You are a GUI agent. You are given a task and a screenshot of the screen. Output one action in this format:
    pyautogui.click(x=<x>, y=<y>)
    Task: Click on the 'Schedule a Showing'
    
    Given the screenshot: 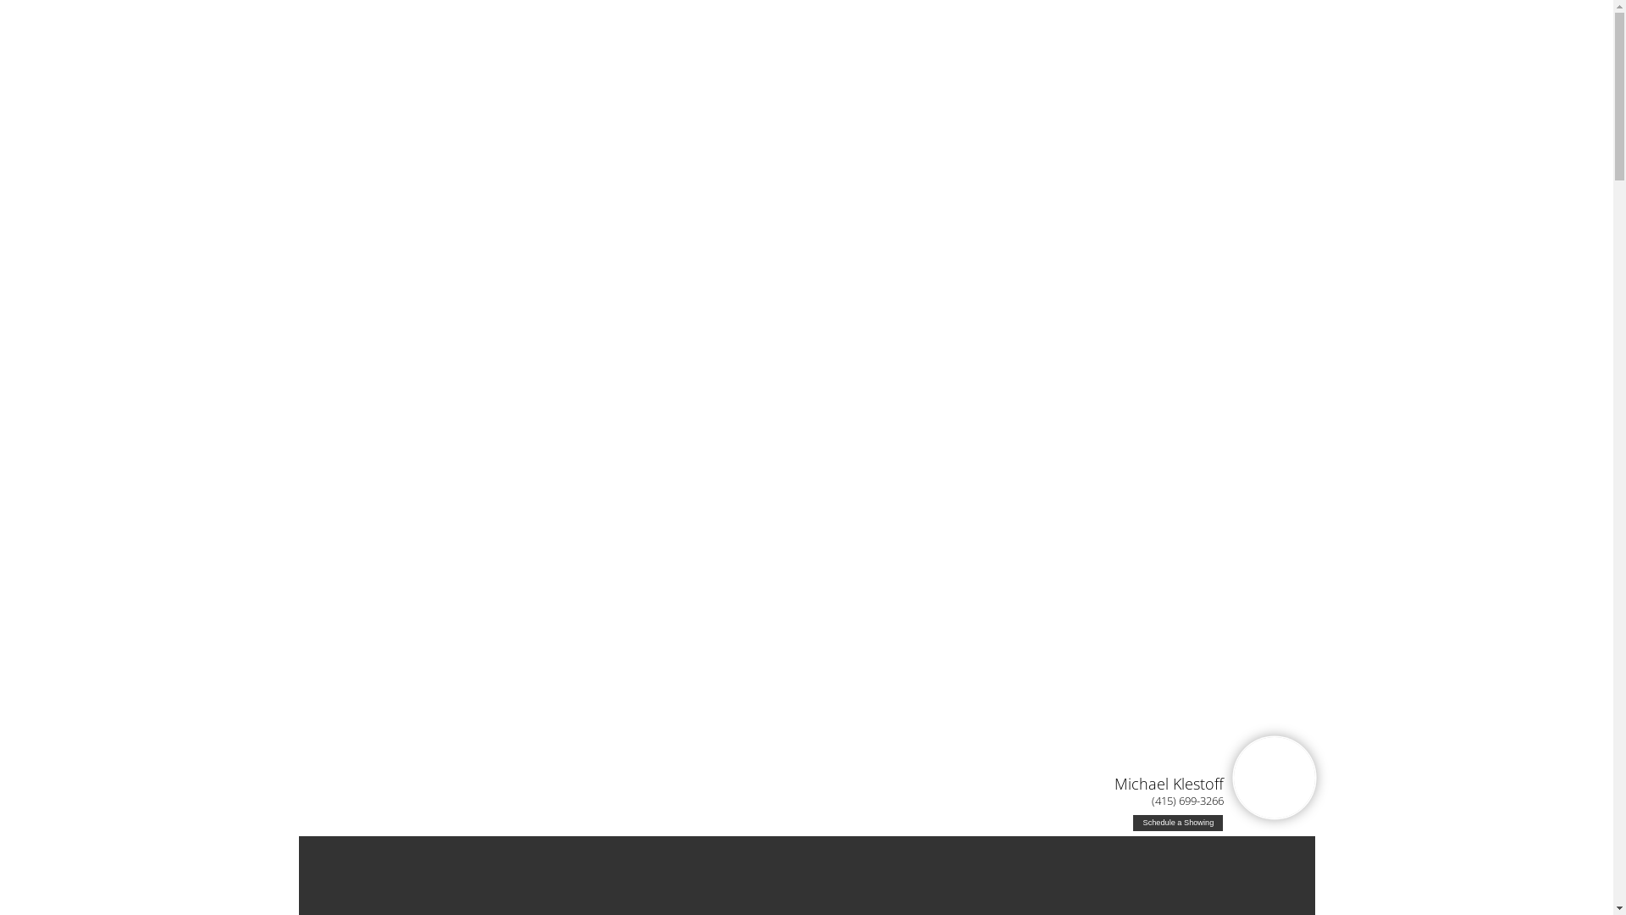 What is the action you would take?
    pyautogui.click(x=1177, y=822)
    